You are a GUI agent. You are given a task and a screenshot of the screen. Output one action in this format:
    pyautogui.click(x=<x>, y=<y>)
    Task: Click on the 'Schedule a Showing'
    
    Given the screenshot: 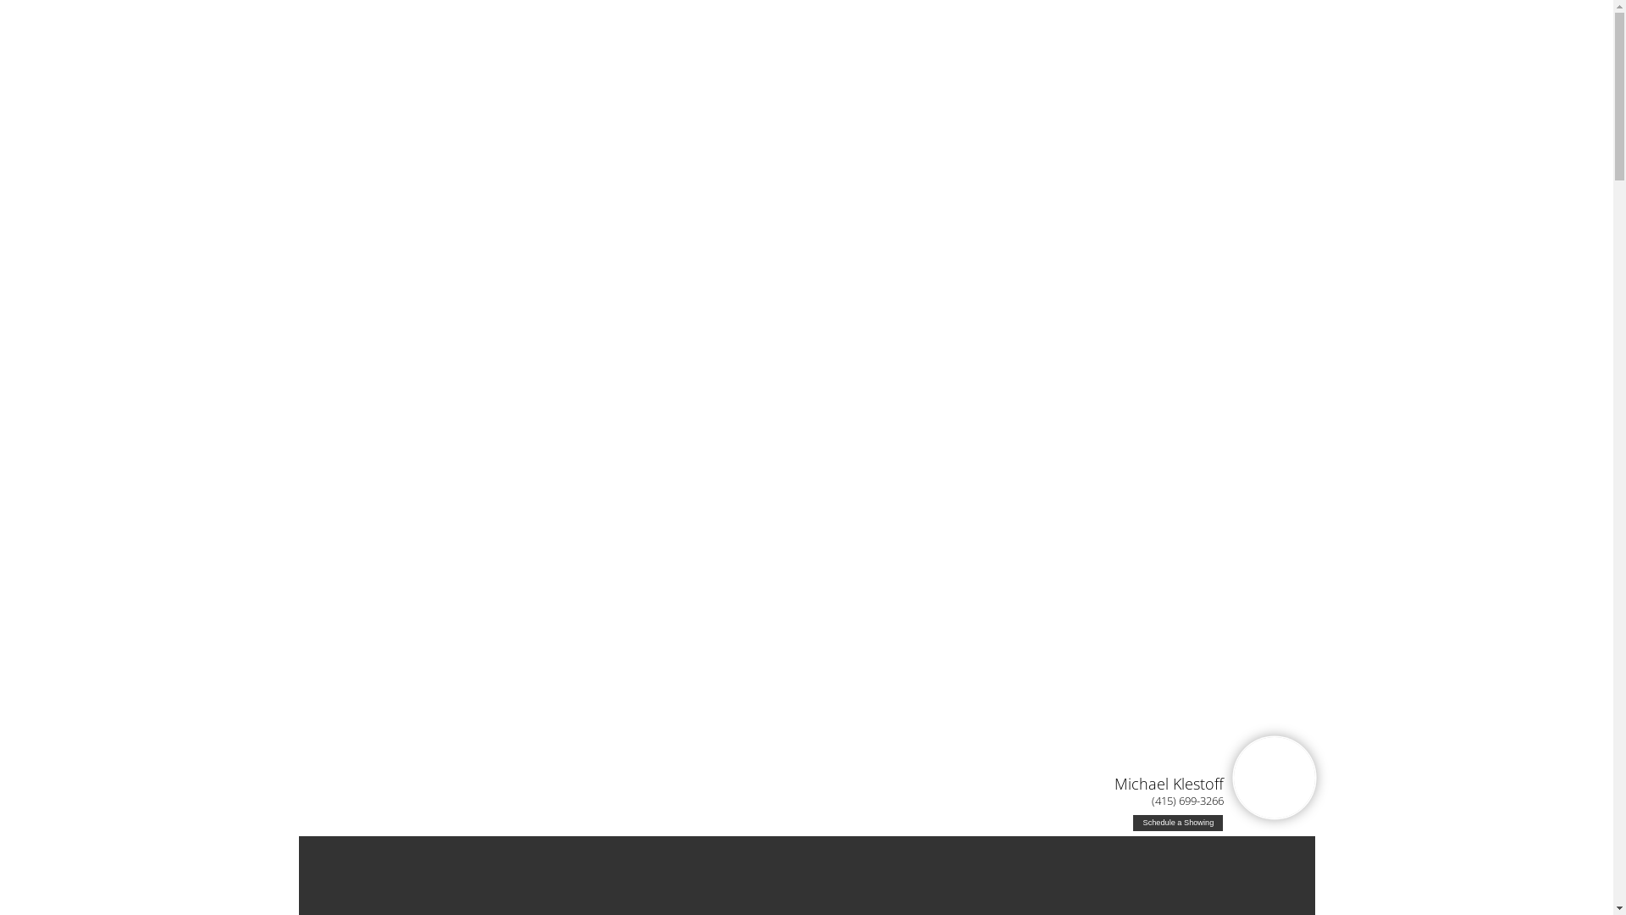 What is the action you would take?
    pyautogui.click(x=1177, y=822)
    